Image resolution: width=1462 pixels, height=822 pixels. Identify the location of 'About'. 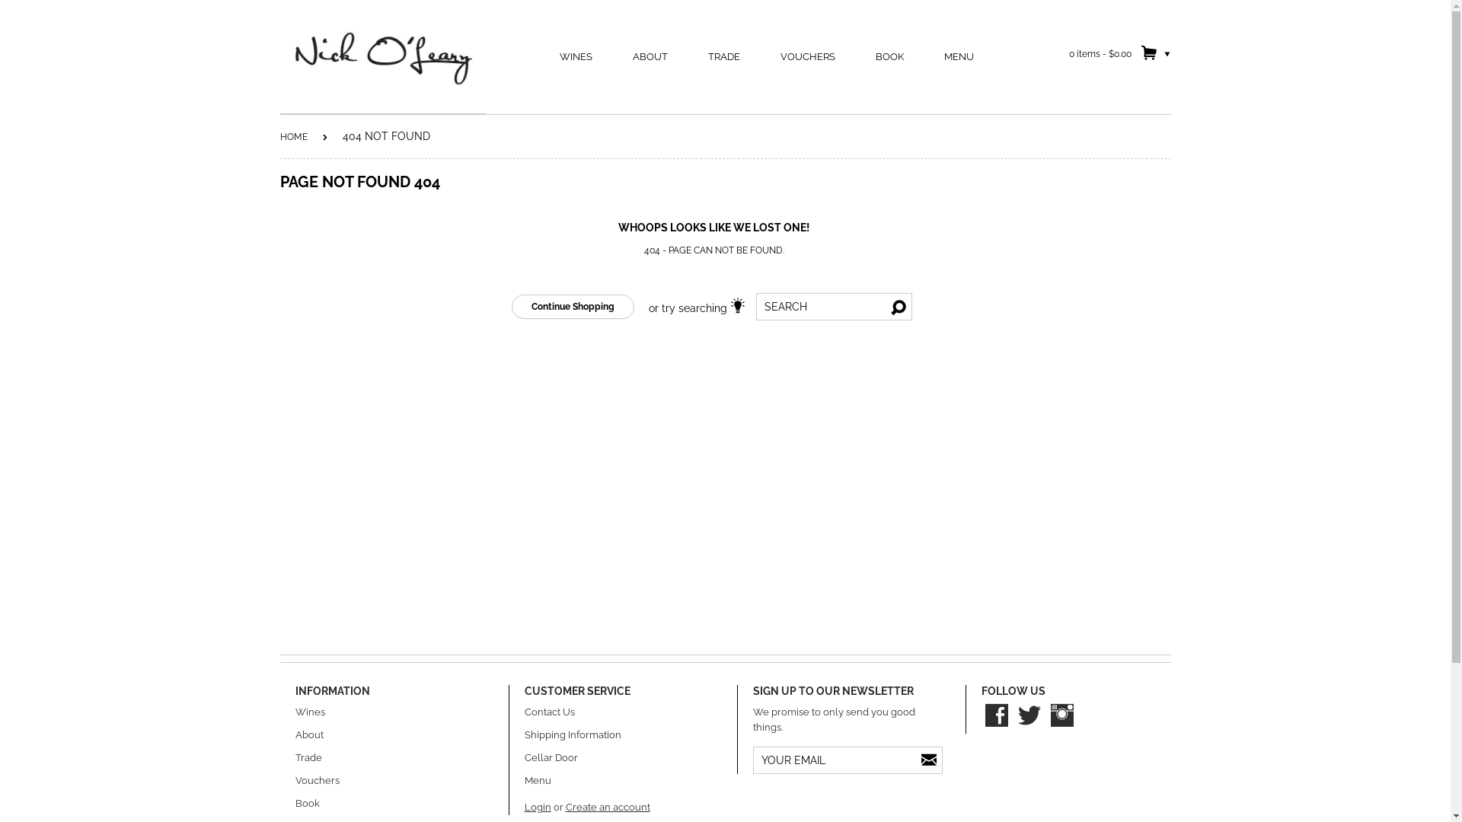
(308, 734).